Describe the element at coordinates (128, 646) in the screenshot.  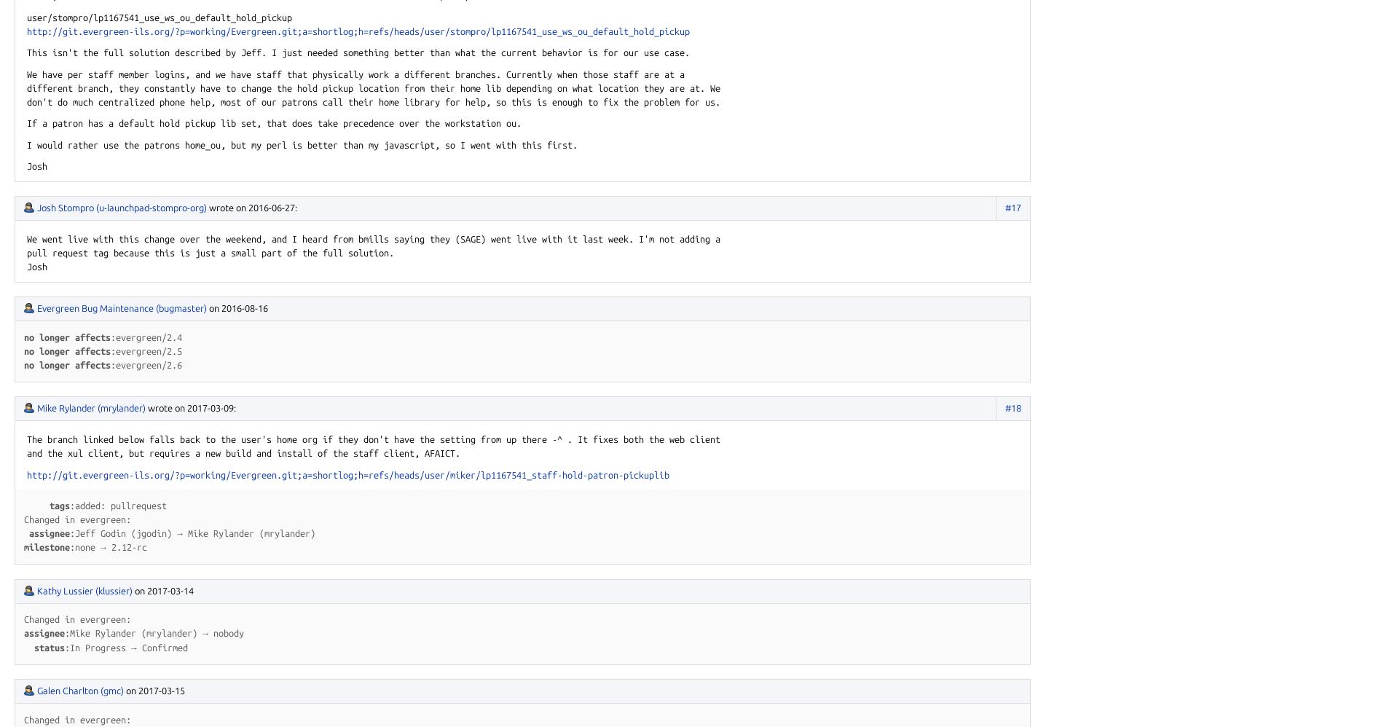
I see `'In Progress → Confirmed'` at that location.